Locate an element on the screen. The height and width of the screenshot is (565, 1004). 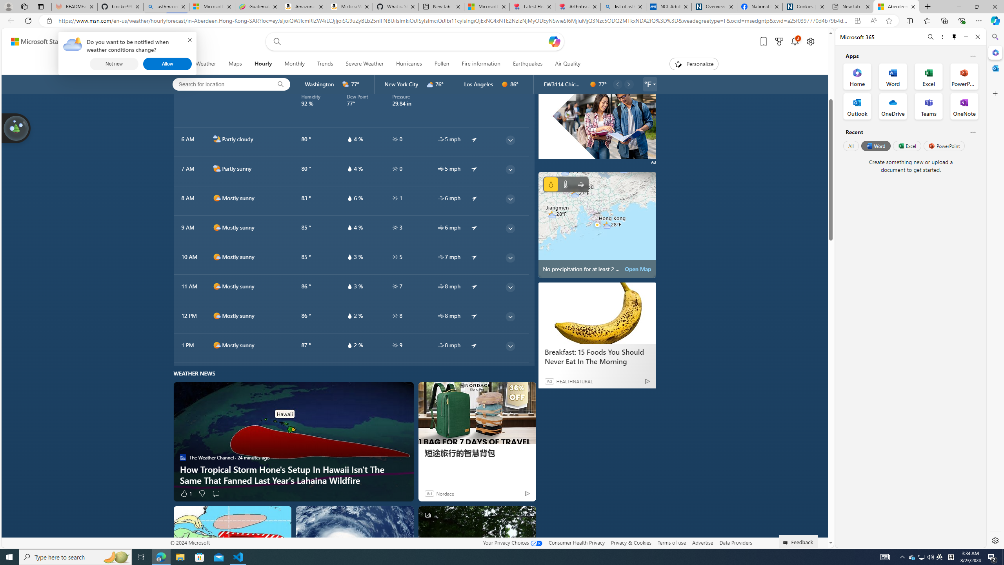
'Join us in planting real trees to help our planet!' is located at coordinates (16, 128).